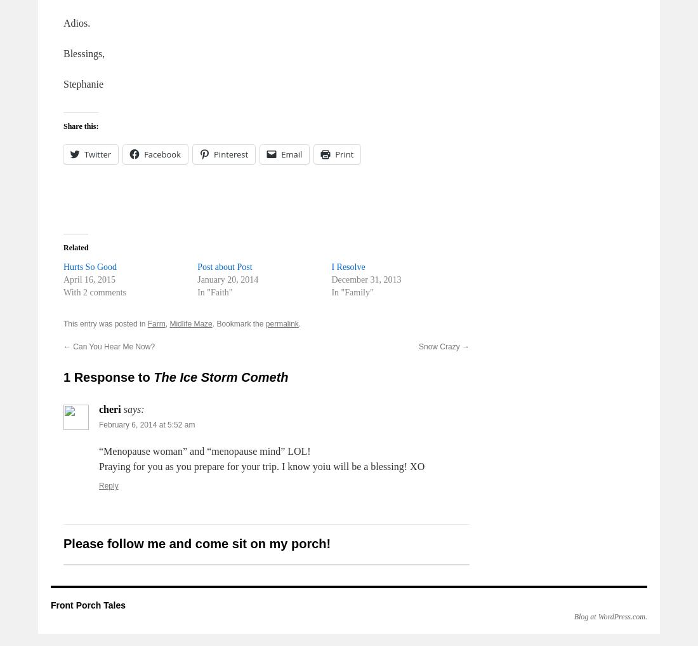  I want to click on '1 Response to', so click(108, 377).